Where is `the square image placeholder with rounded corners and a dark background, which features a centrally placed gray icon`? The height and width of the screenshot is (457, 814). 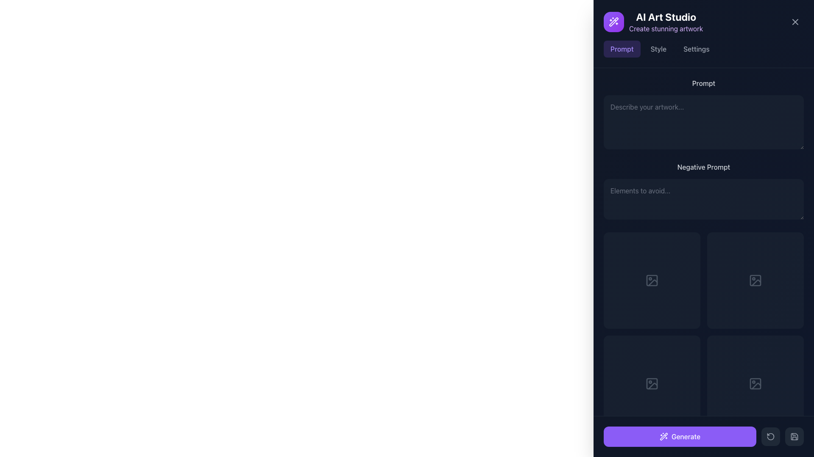
the square image placeholder with rounded corners and a dark background, which features a centrally placed gray icon is located at coordinates (755, 281).